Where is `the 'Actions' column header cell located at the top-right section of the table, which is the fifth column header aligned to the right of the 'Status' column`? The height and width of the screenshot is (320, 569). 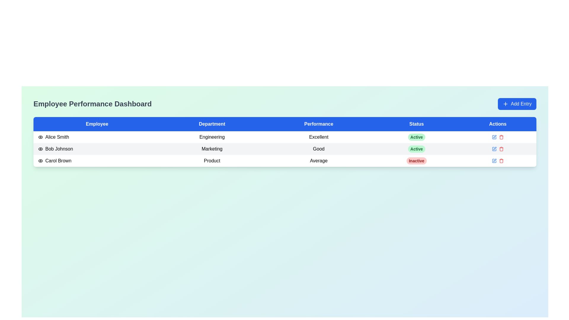 the 'Actions' column header cell located at the top-right section of the table, which is the fifth column header aligned to the right of the 'Status' column is located at coordinates (498, 124).